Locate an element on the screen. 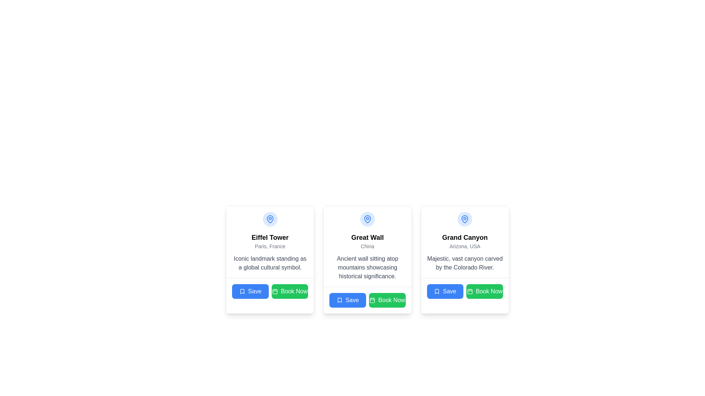 The image size is (705, 396). the green 'Book Now' button in the centered card component about the Great Wall is located at coordinates (368, 280).